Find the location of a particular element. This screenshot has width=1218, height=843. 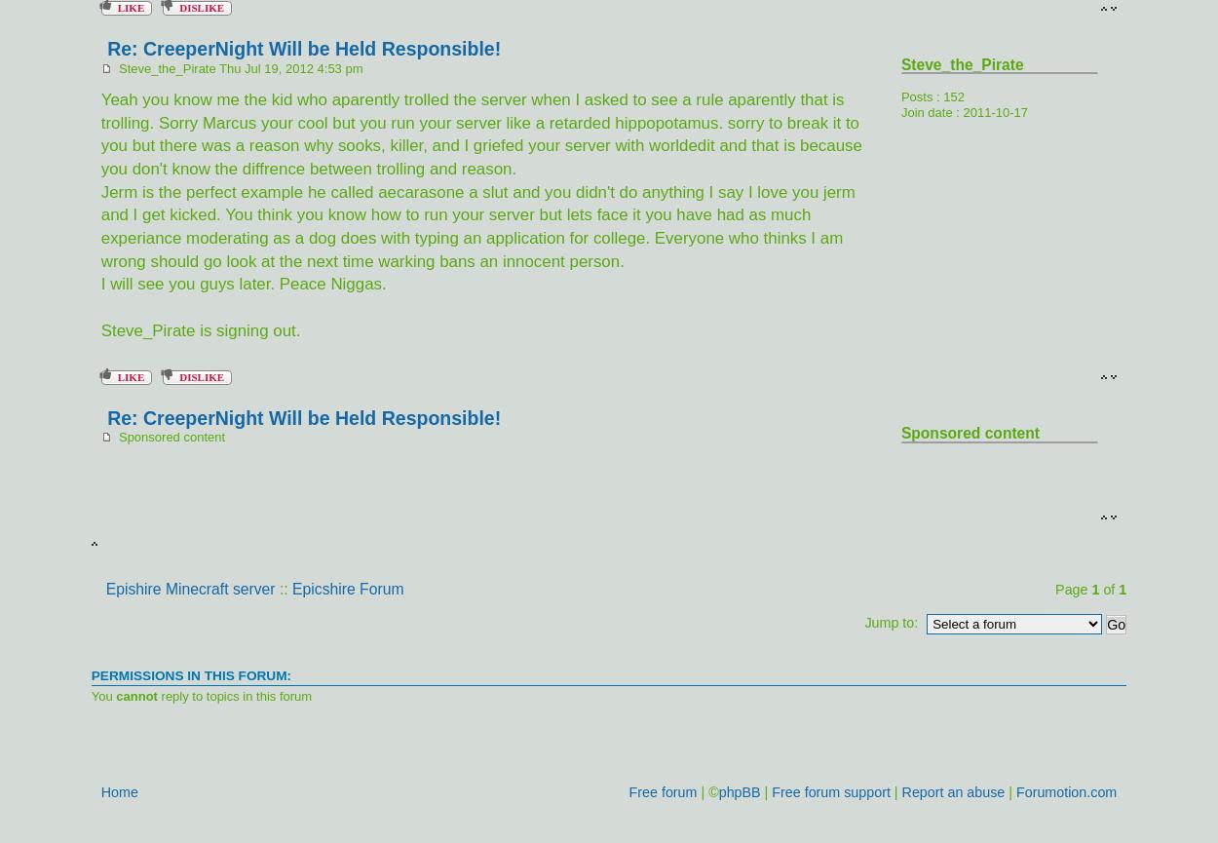

'Steve_the_Pirate' is located at coordinates (961, 63).